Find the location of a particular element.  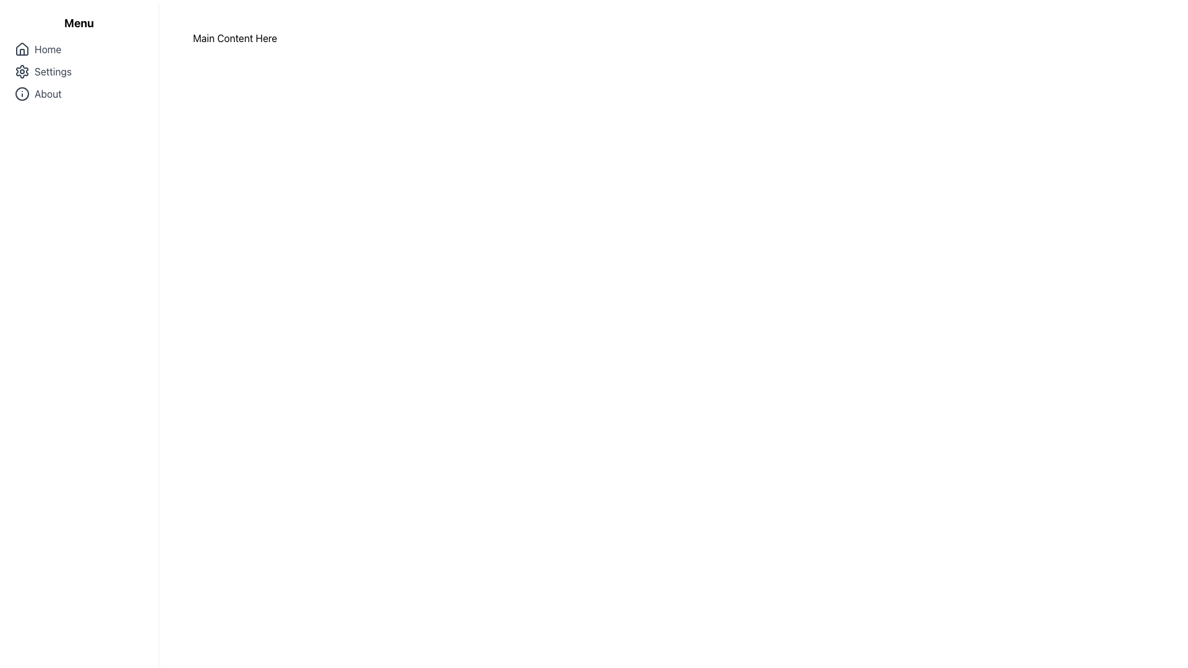

the 'About' navigation menu item, which is the third item in a vertical list is located at coordinates (79, 93).